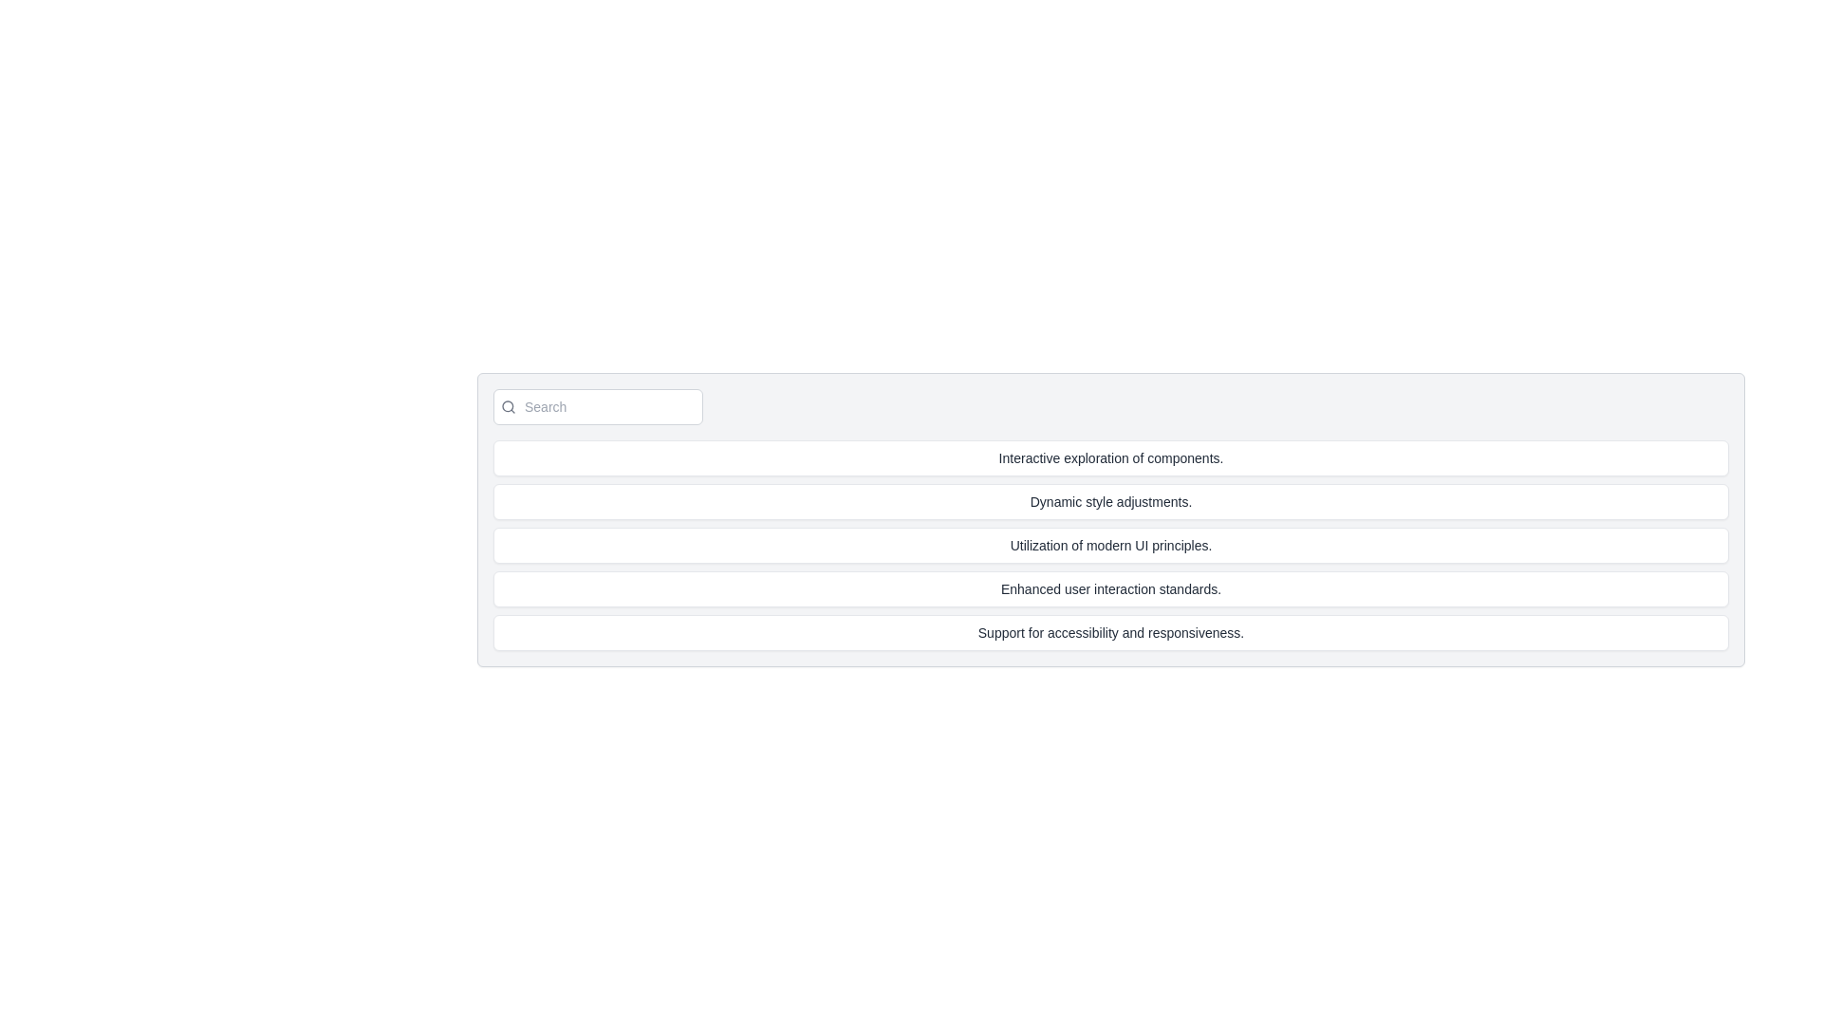 This screenshot has width=1822, height=1025. I want to click on the interactive lowercase letter 'i' which is the 33rd character in the sentence 'Enhanced user interaction standards.' within the fourth list item, so click(1139, 588).